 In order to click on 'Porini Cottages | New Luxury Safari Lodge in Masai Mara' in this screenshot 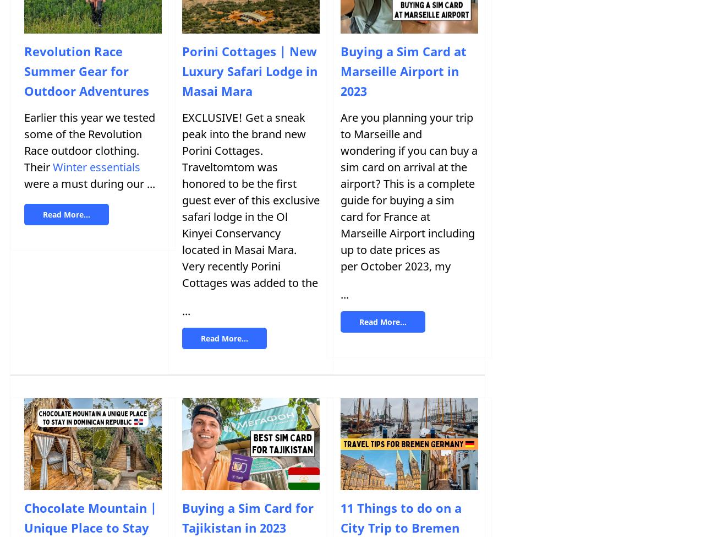, I will do `click(249, 70)`.